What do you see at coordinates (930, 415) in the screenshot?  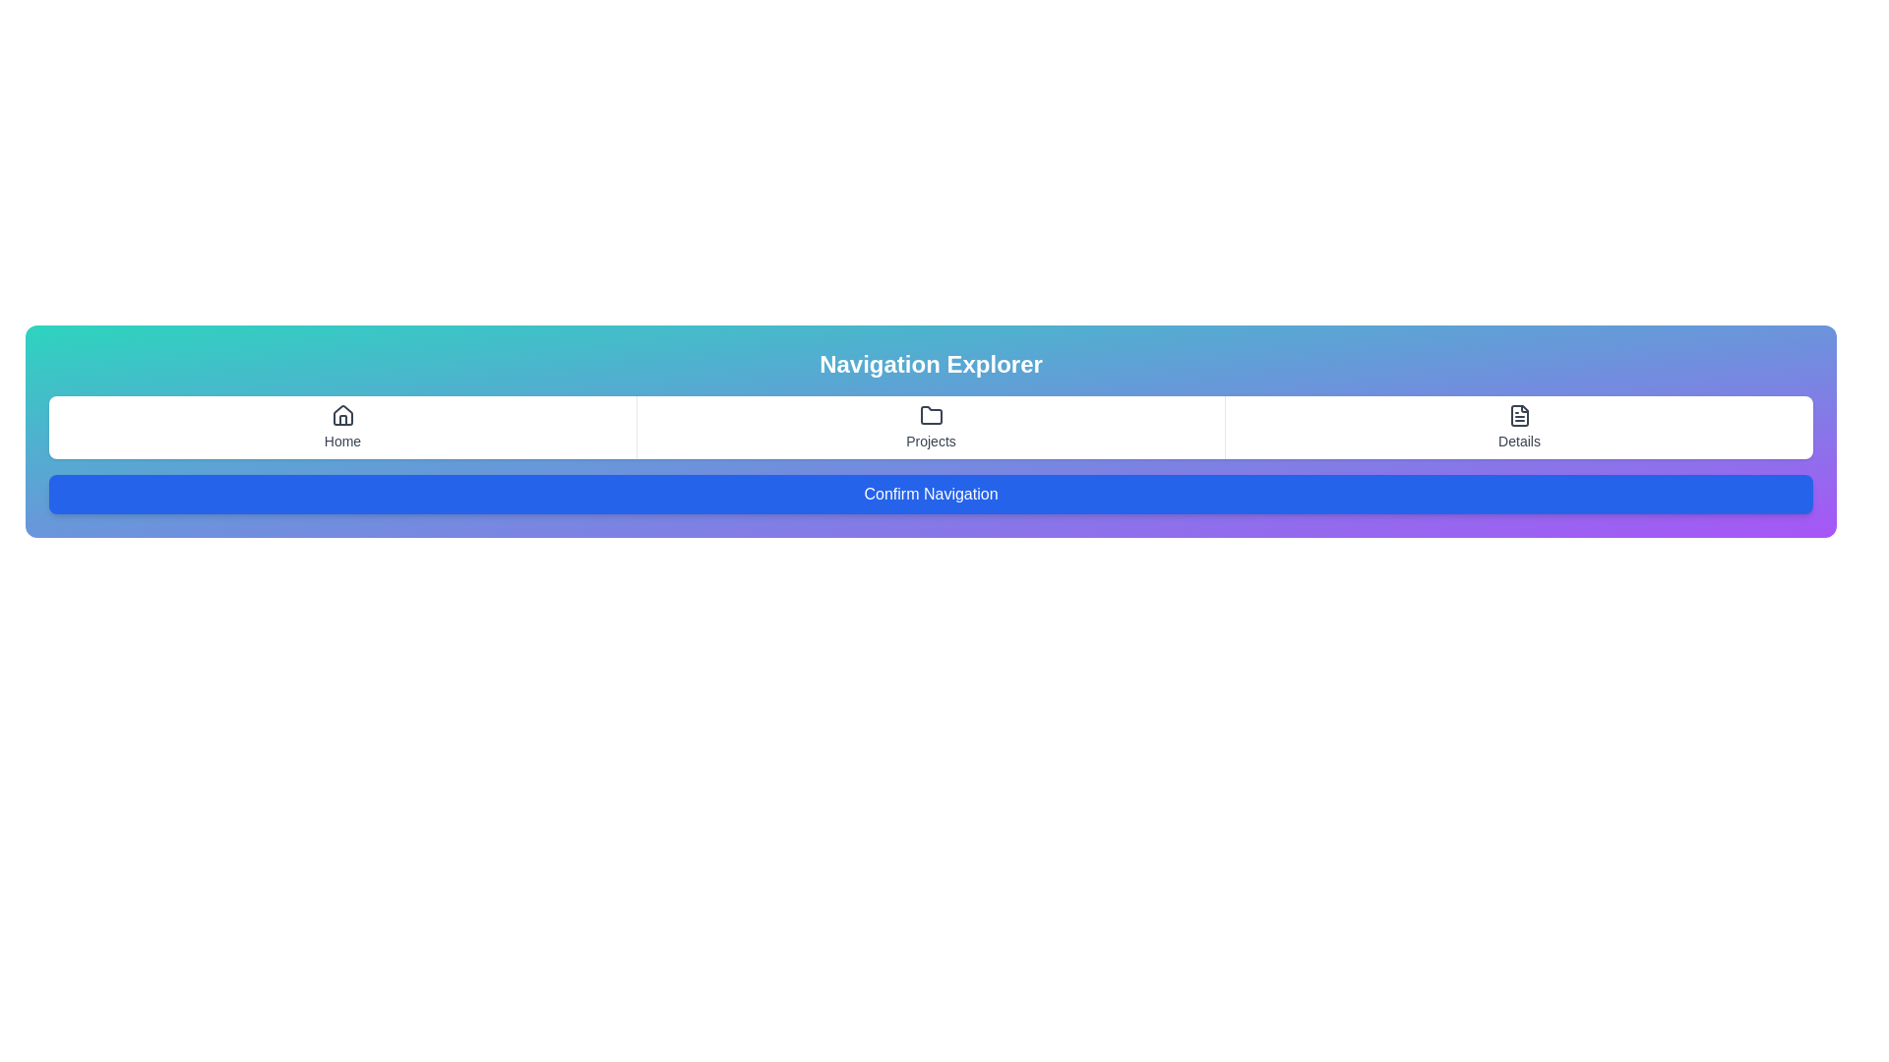 I see `the 'Projects' icon in the navigation menu` at bounding box center [930, 415].